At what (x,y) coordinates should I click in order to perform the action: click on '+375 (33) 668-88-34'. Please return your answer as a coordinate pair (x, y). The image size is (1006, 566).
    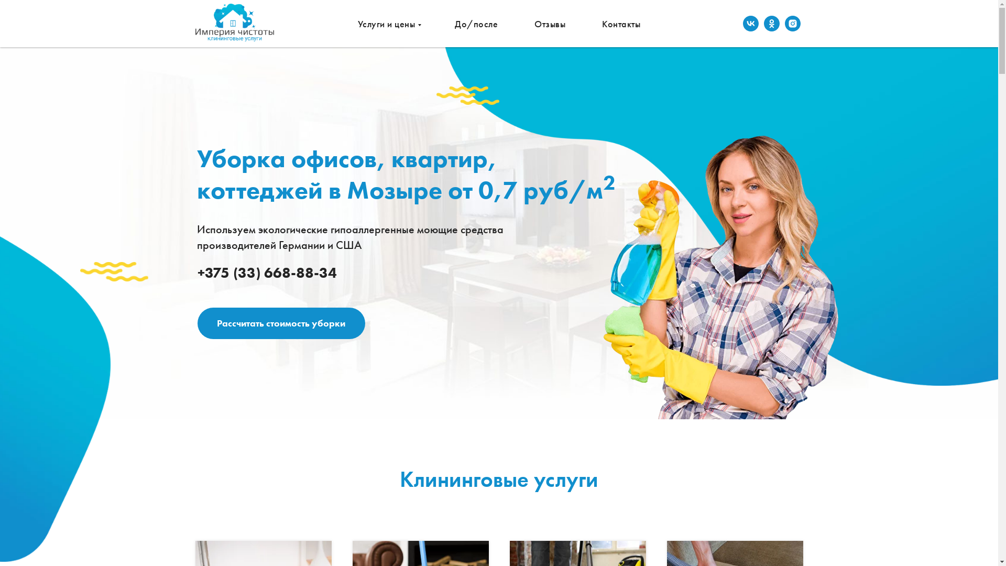
    Looking at the image, I should click on (266, 272).